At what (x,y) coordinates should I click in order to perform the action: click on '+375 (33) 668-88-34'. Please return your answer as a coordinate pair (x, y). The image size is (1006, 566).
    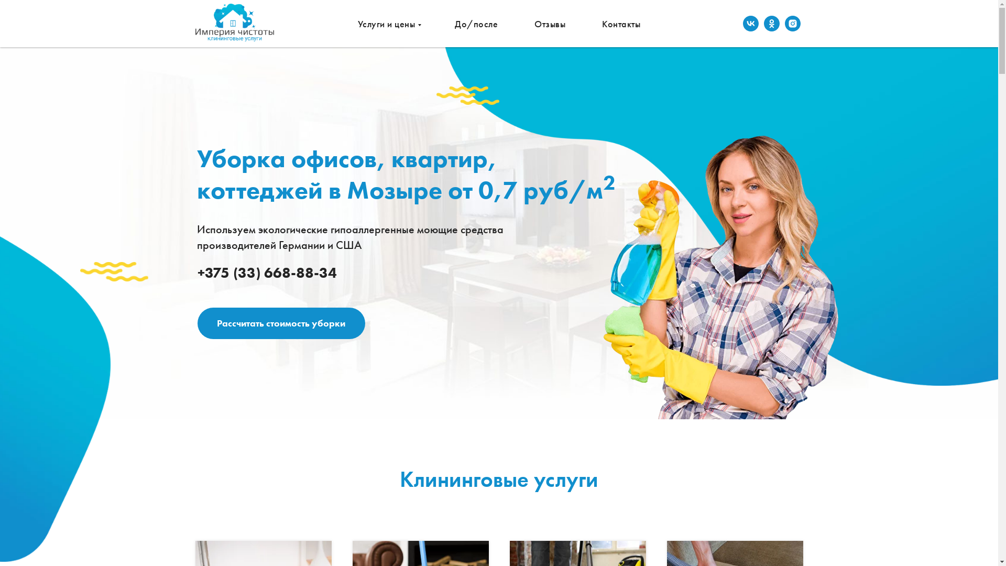
    Looking at the image, I should click on (266, 272).